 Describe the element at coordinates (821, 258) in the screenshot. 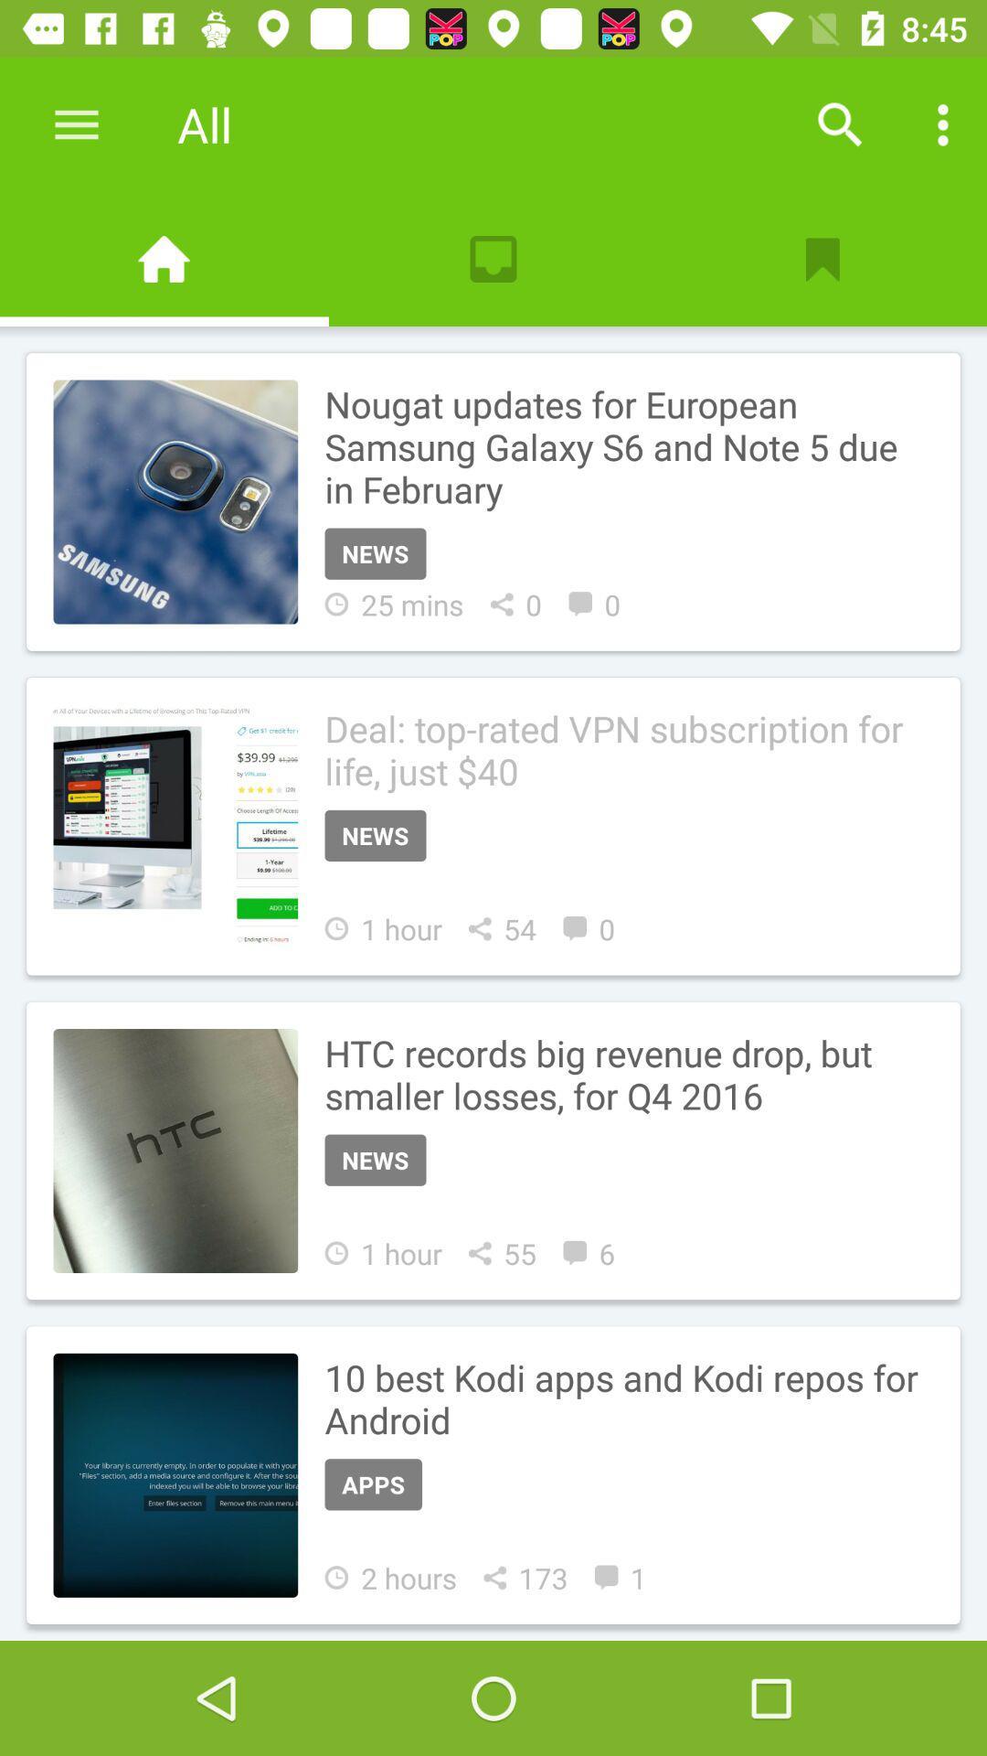

I see `favorites` at that location.